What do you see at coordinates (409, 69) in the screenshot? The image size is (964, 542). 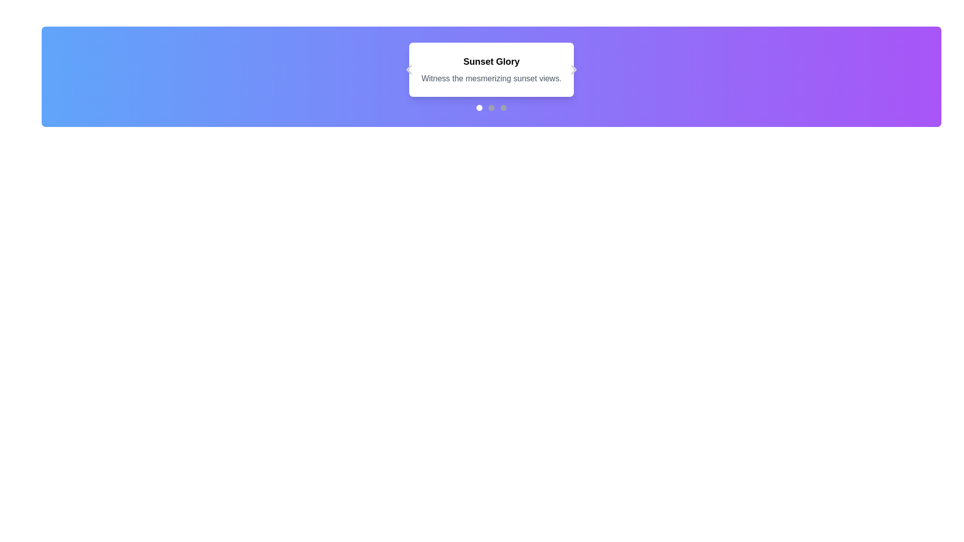 I see `the previous navigation button located to the left of the 'Sunset Glory' text to change its appearance` at bounding box center [409, 69].